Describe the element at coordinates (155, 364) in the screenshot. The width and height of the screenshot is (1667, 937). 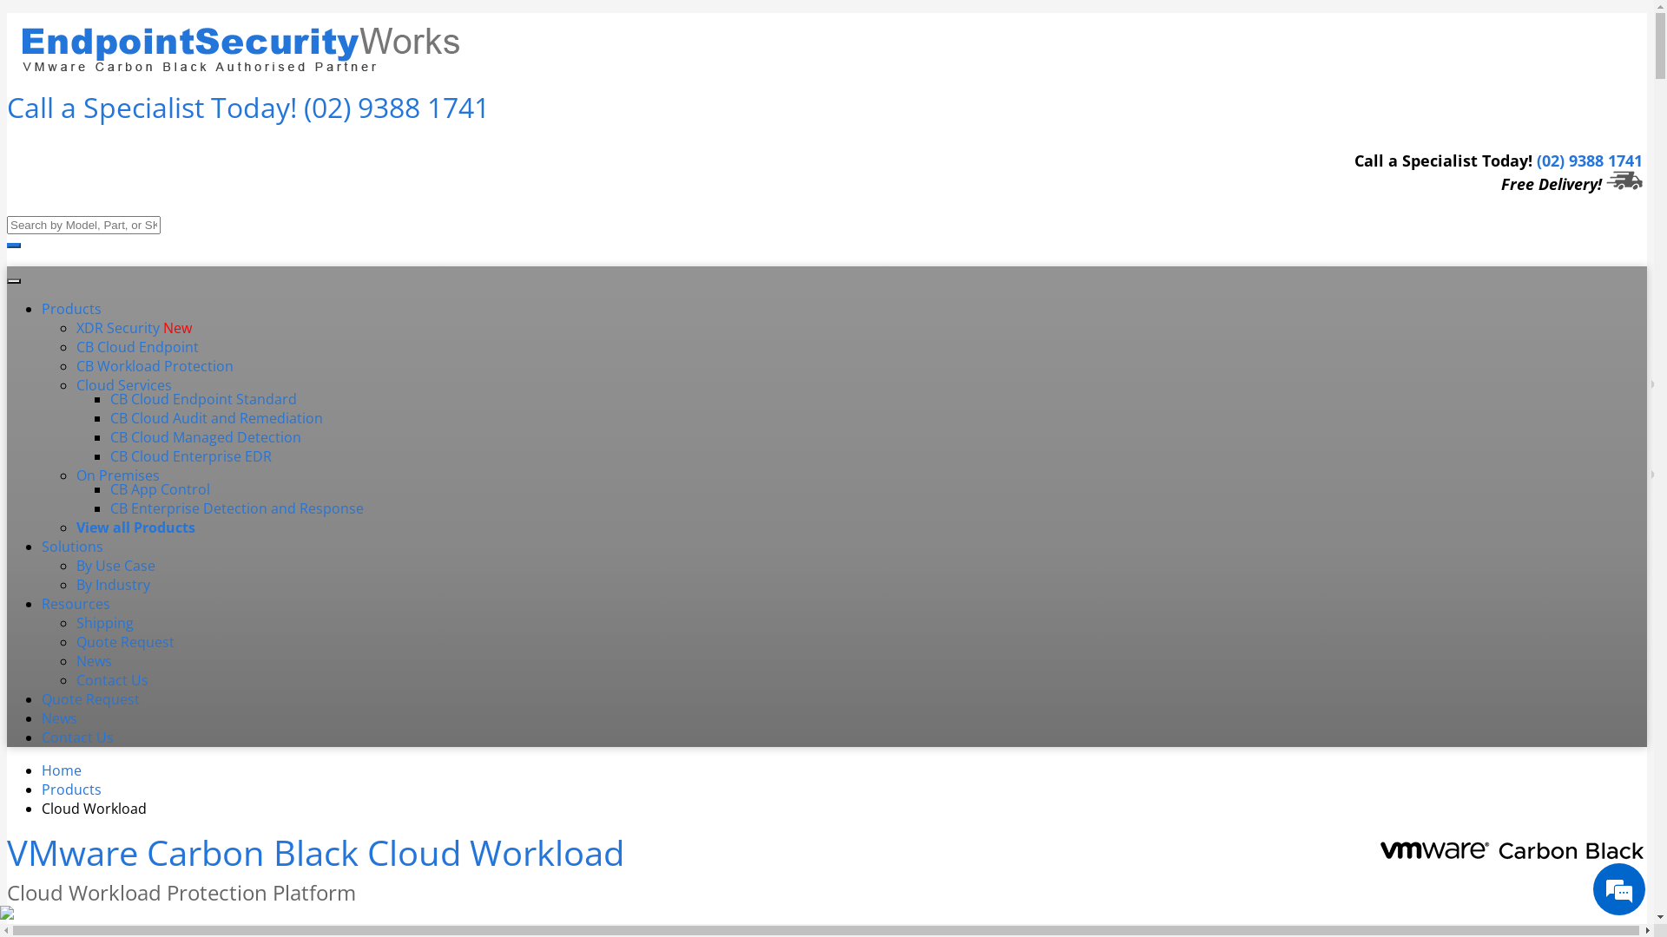
I see `'CB Workload Protection'` at that location.